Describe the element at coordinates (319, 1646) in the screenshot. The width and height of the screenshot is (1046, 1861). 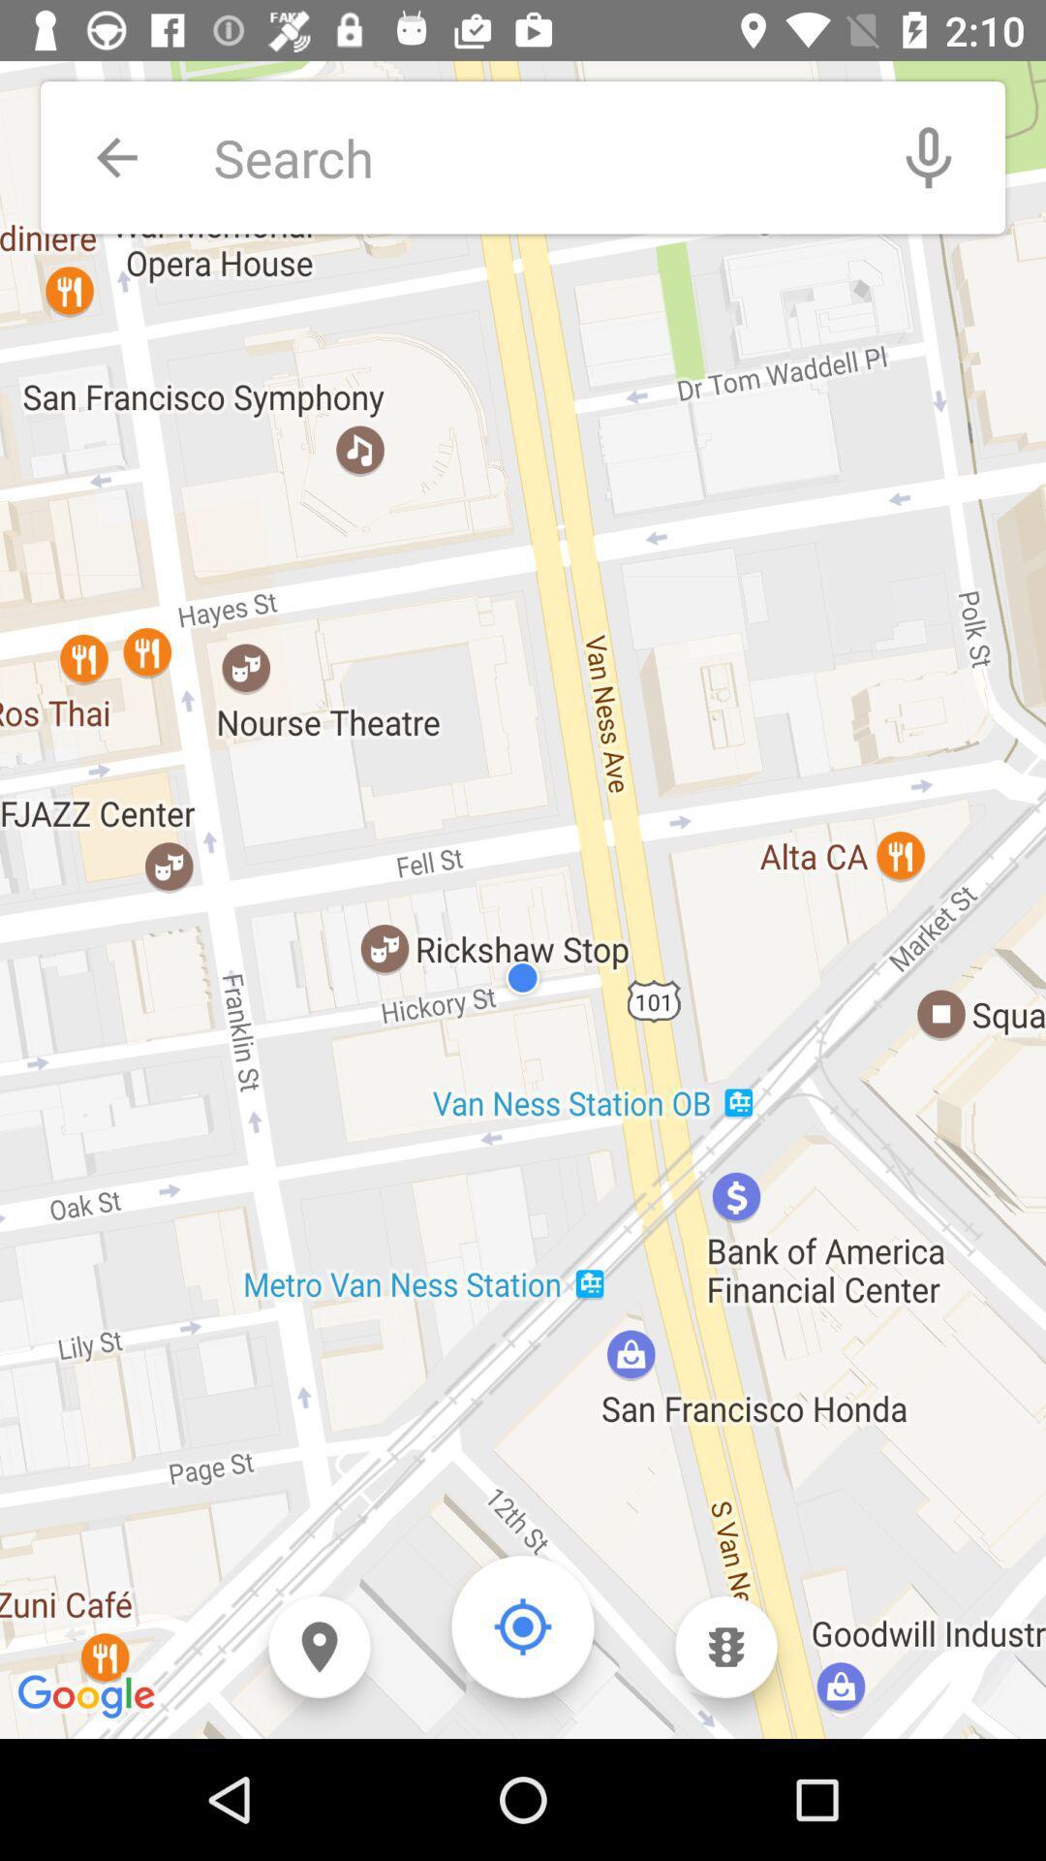
I see `pin location` at that location.